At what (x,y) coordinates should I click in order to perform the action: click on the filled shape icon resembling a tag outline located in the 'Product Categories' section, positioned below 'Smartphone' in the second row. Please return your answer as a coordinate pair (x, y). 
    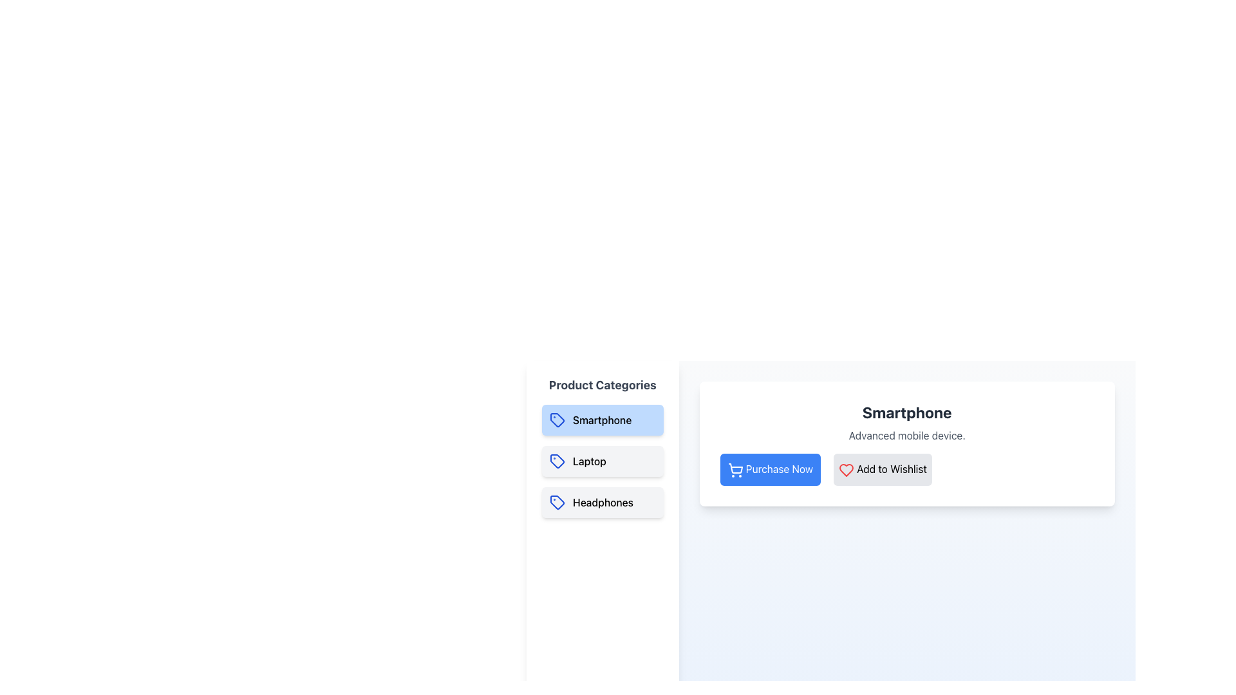
    Looking at the image, I should click on (557, 461).